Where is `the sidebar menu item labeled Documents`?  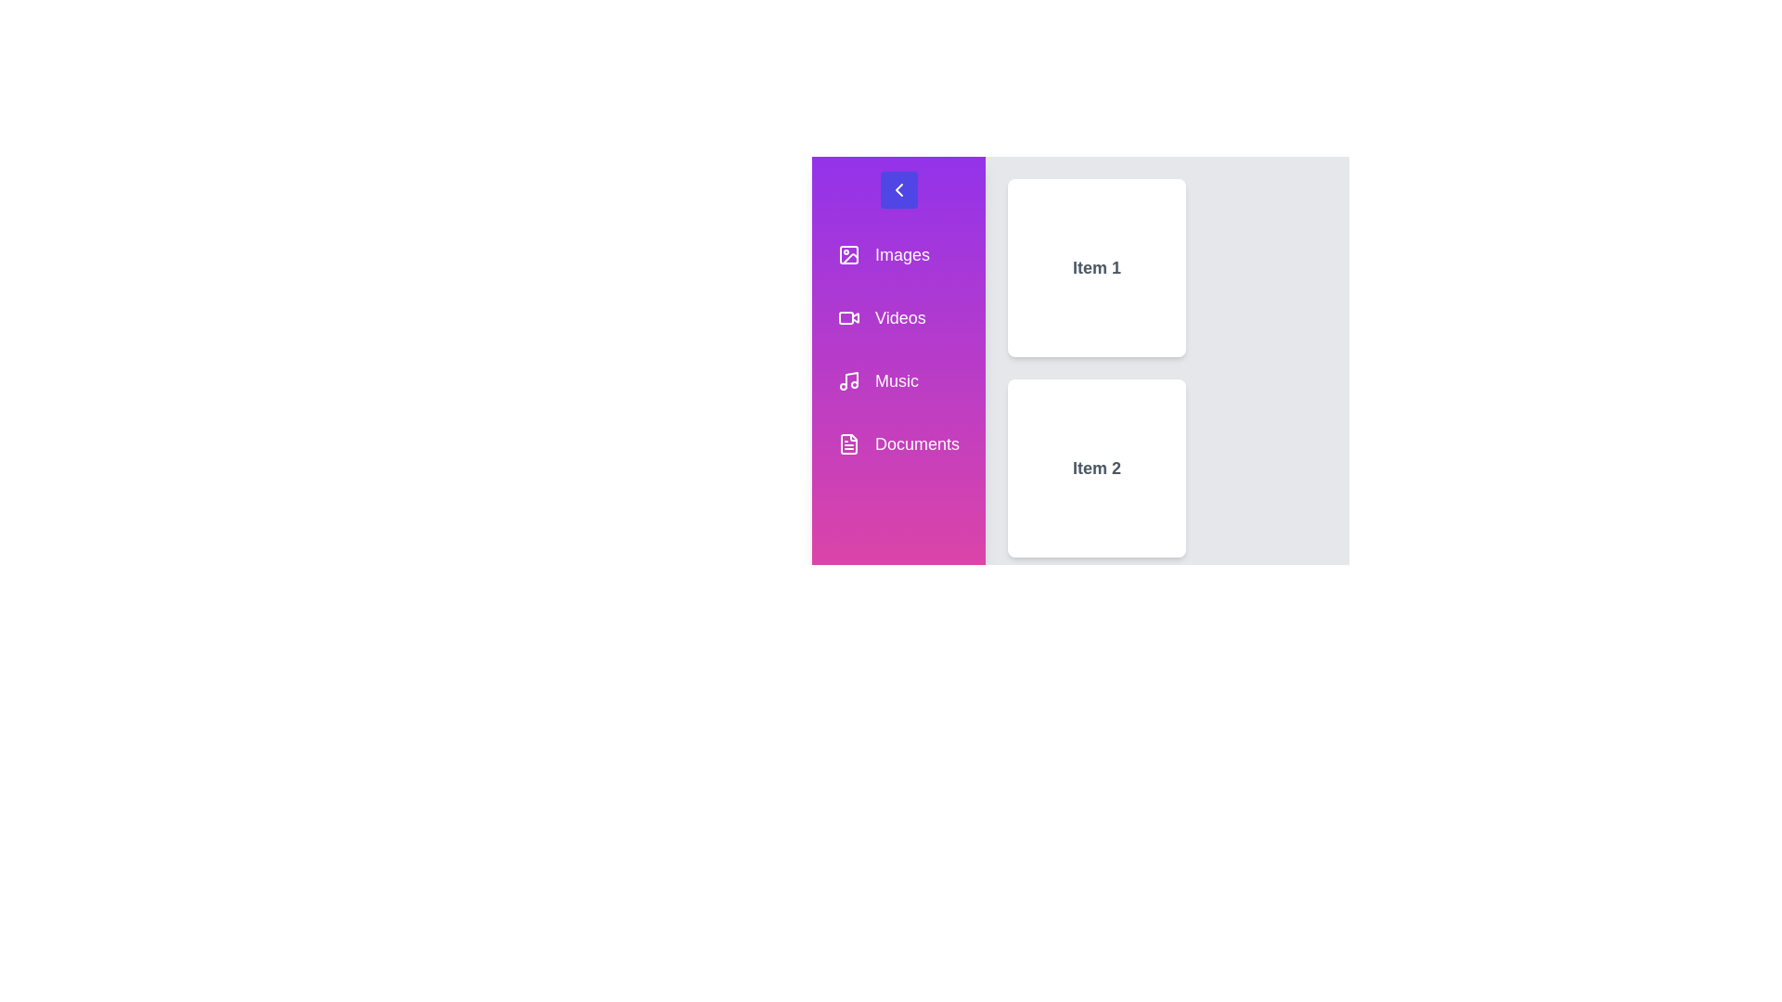 the sidebar menu item labeled Documents is located at coordinates (898, 443).